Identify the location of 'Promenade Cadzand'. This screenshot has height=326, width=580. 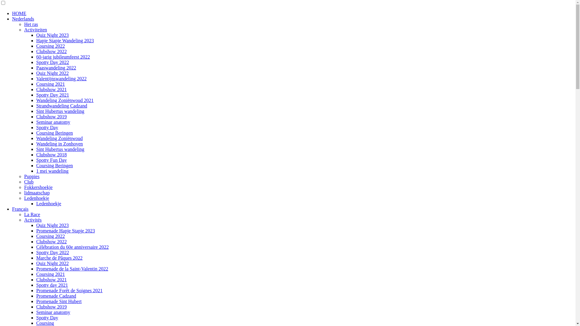
(56, 296).